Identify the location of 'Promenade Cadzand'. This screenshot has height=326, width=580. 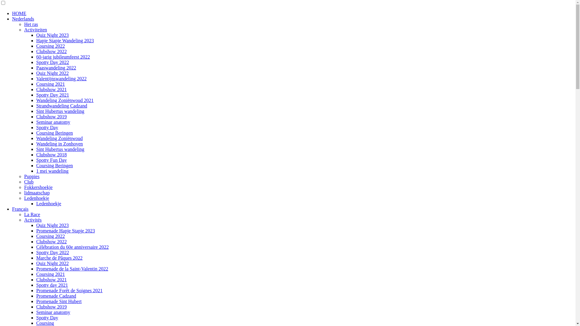
(56, 296).